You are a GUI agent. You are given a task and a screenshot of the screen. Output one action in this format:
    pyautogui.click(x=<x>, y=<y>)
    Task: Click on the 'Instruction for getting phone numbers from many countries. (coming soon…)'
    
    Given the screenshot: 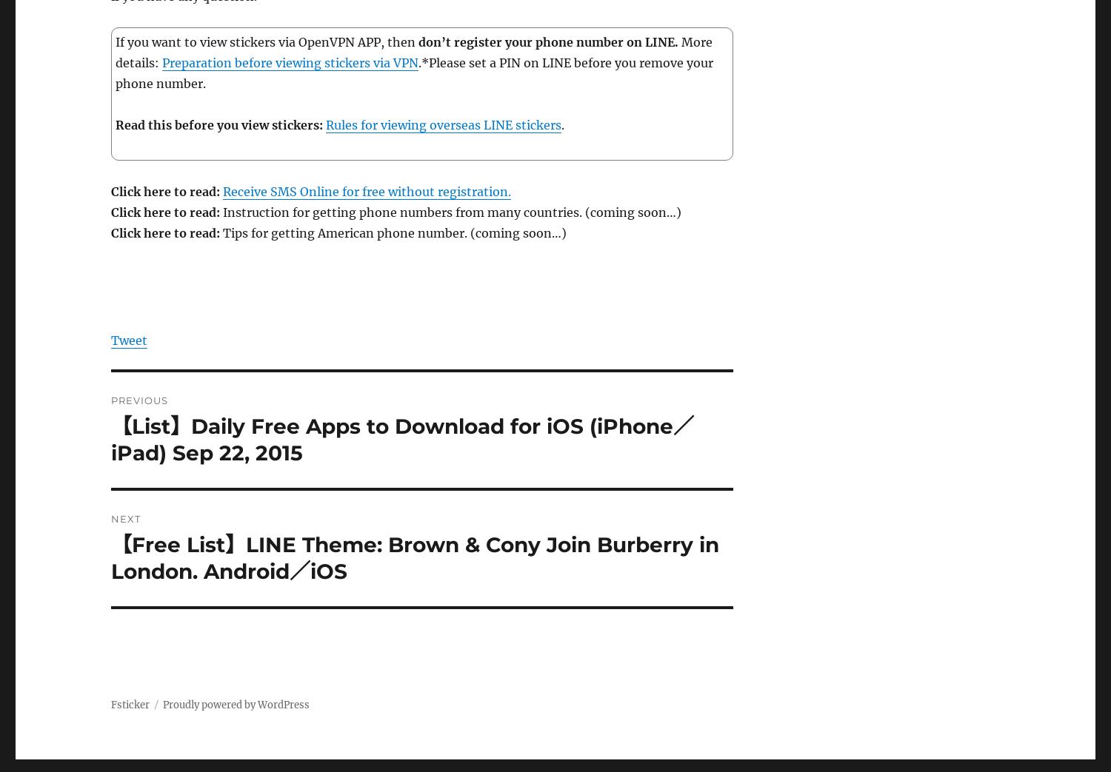 What is the action you would take?
    pyautogui.click(x=220, y=212)
    